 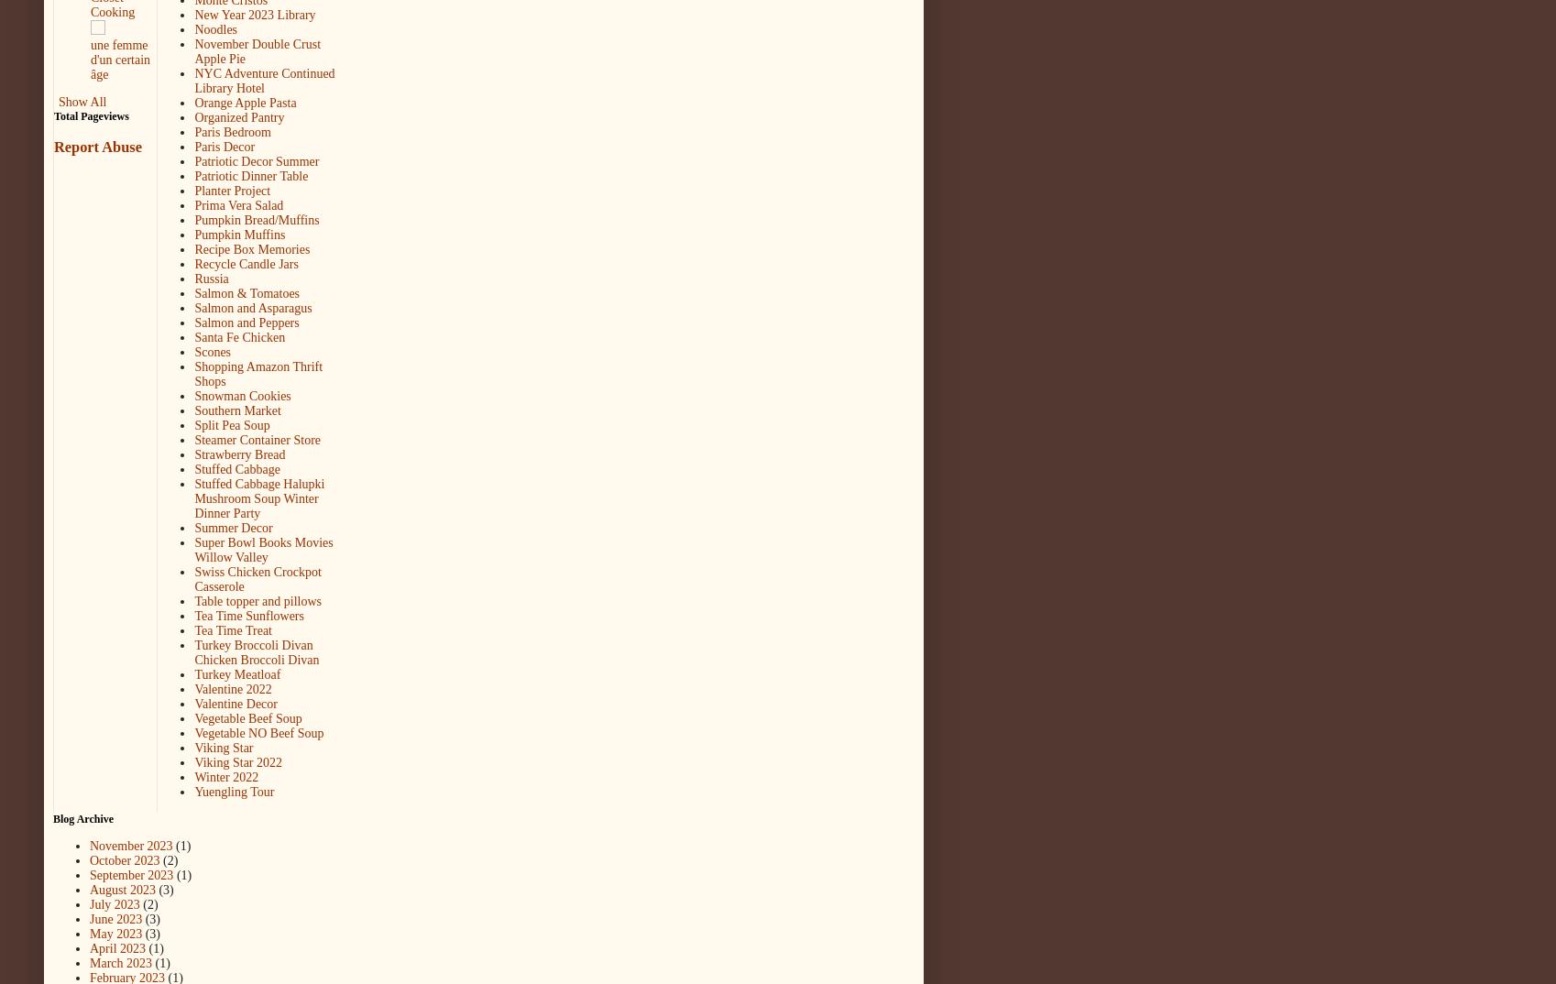 I want to click on 'May 2023', so click(x=115, y=933).